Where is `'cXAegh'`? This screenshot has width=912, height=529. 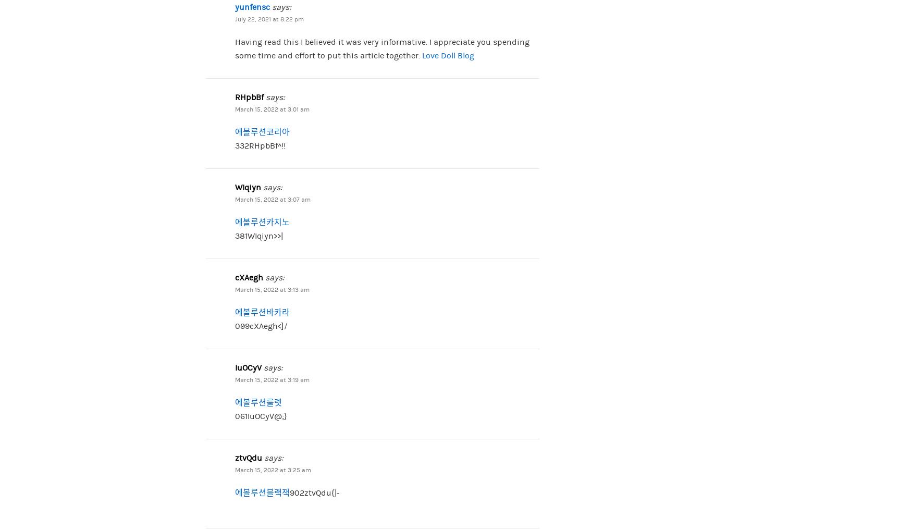 'cXAegh' is located at coordinates (235, 277).